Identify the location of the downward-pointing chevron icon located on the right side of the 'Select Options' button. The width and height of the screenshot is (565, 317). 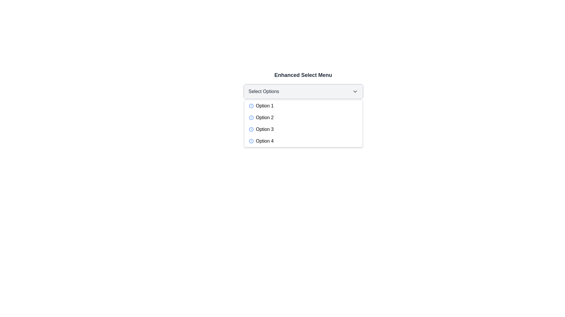
(355, 92).